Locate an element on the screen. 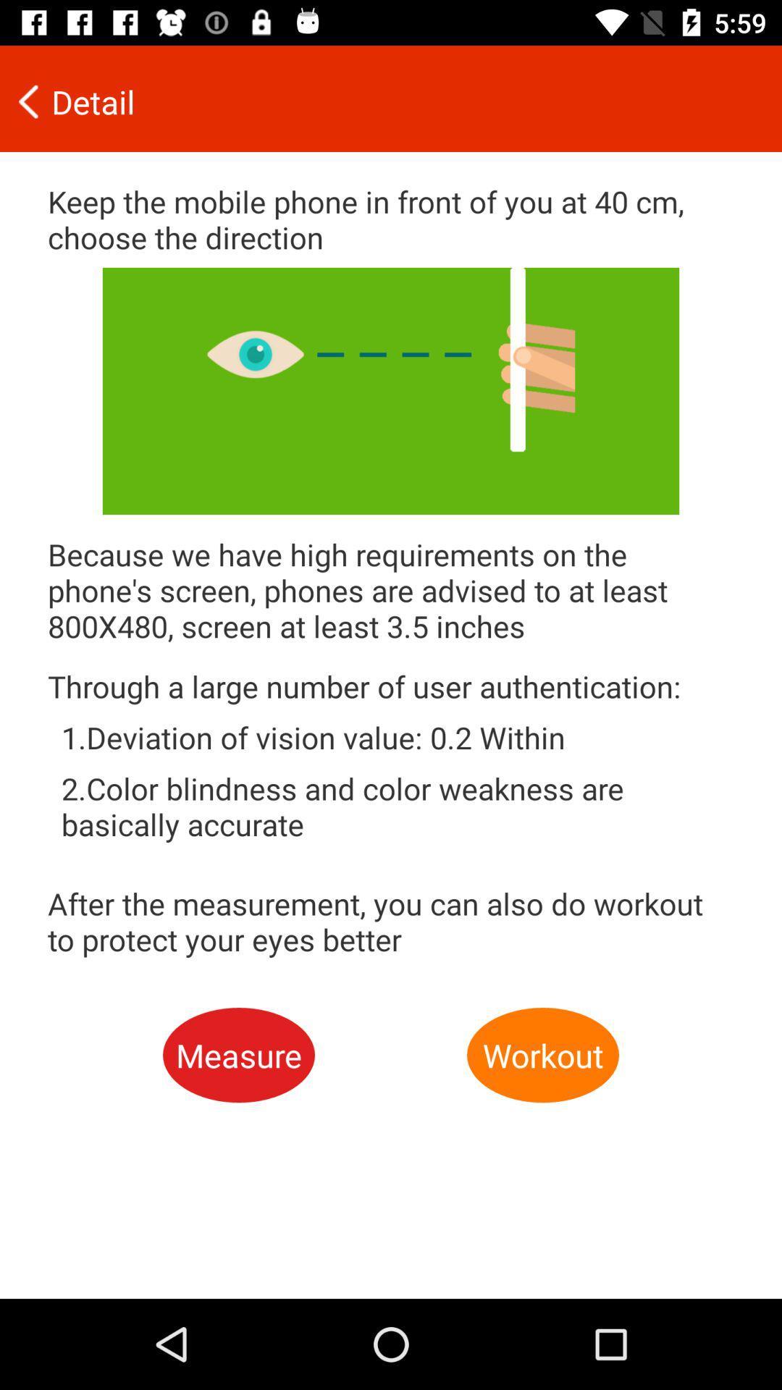  item above the keep the mobile icon is located at coordinates (380, 101).